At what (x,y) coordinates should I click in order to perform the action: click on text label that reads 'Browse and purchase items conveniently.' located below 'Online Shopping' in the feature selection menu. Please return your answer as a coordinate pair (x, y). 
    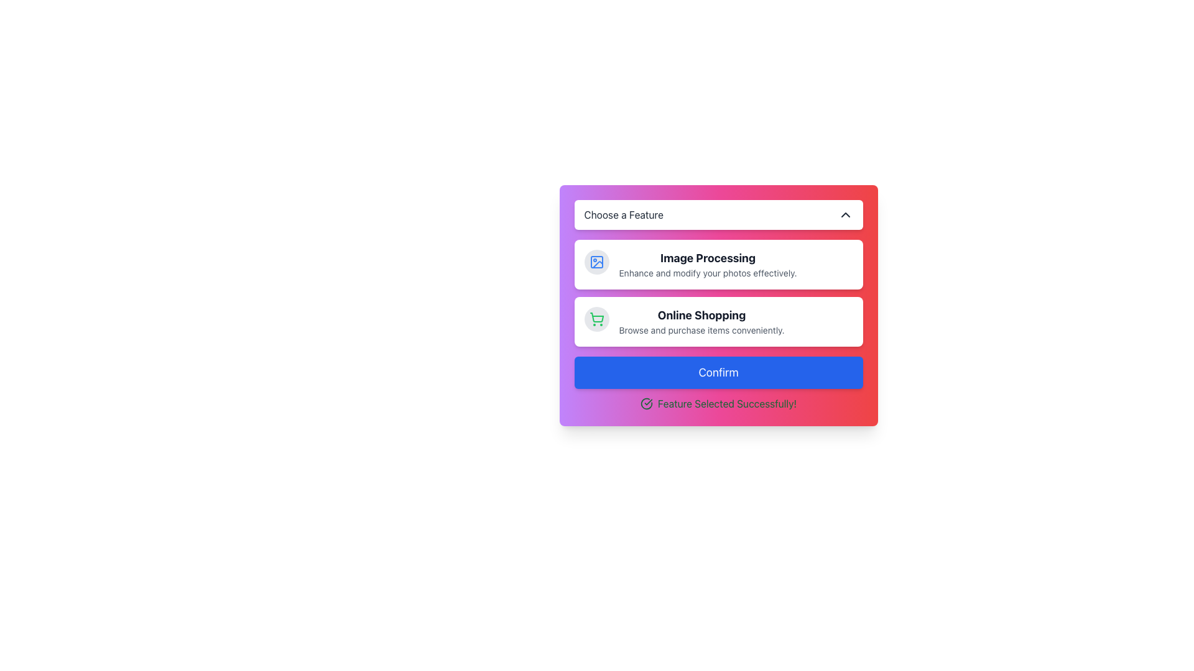
    Looking at the image, I should click on (701, 330).